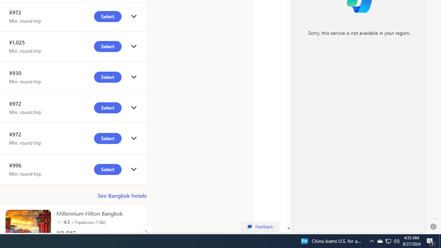 The image size is (441, 248). I want to click on 'click to get details', so click(134, 169).